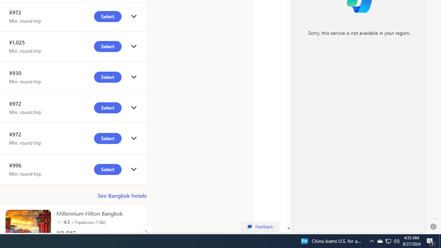 The image size is (441, 248). I want to click on 'click to get details', so click(134, 169).